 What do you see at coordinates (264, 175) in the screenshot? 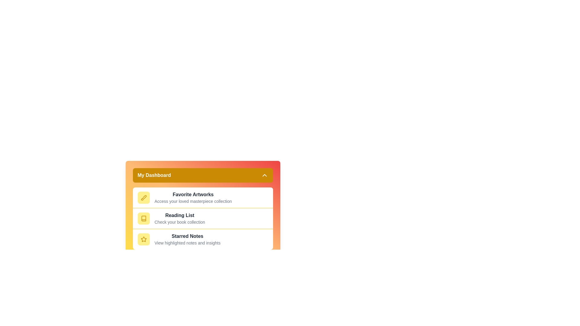
I see `the icon located at the far-right corner of the 'My Dashboard' header` at bounding box center [264, 175].